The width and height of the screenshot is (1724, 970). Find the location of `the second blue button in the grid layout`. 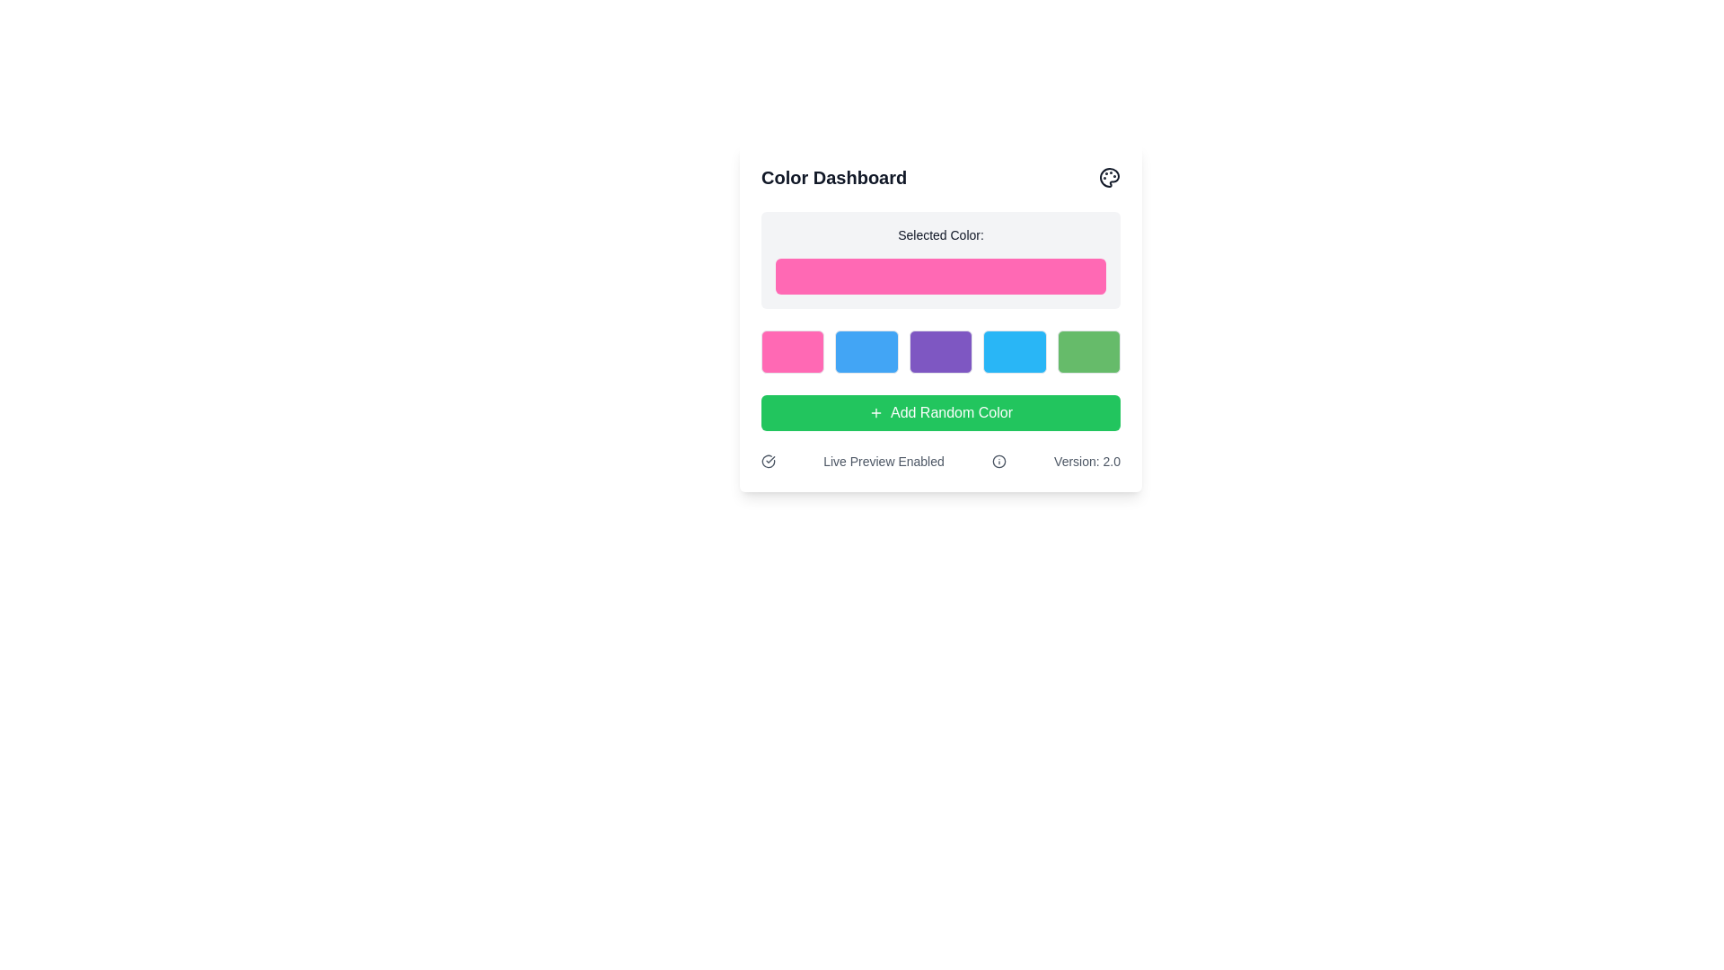

the second blue button in the grid layout is located at coordinates (866, 352).